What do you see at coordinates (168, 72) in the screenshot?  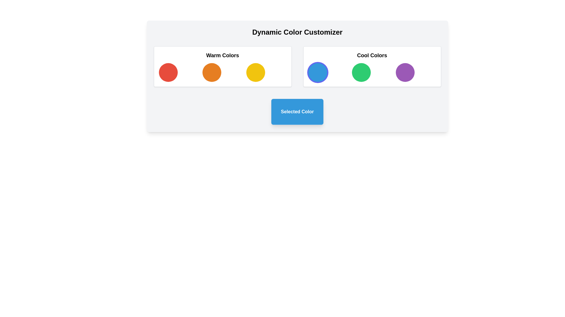 I see `the first circular button under 'Warm Colors'` at bounding box center [168, 72].